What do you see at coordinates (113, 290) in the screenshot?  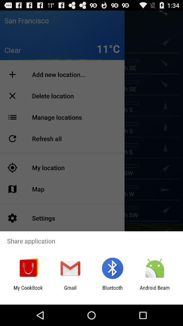 I see `app next to the gmail` at bounding box center [113, 290].